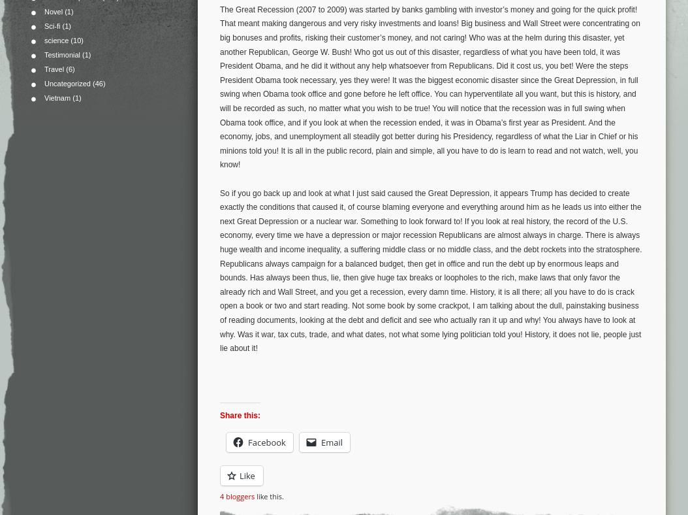 The image size is (688, 515). Describe the element at coordinates (240, 414) in the screenshot. I see `'Share this:'` at that location.